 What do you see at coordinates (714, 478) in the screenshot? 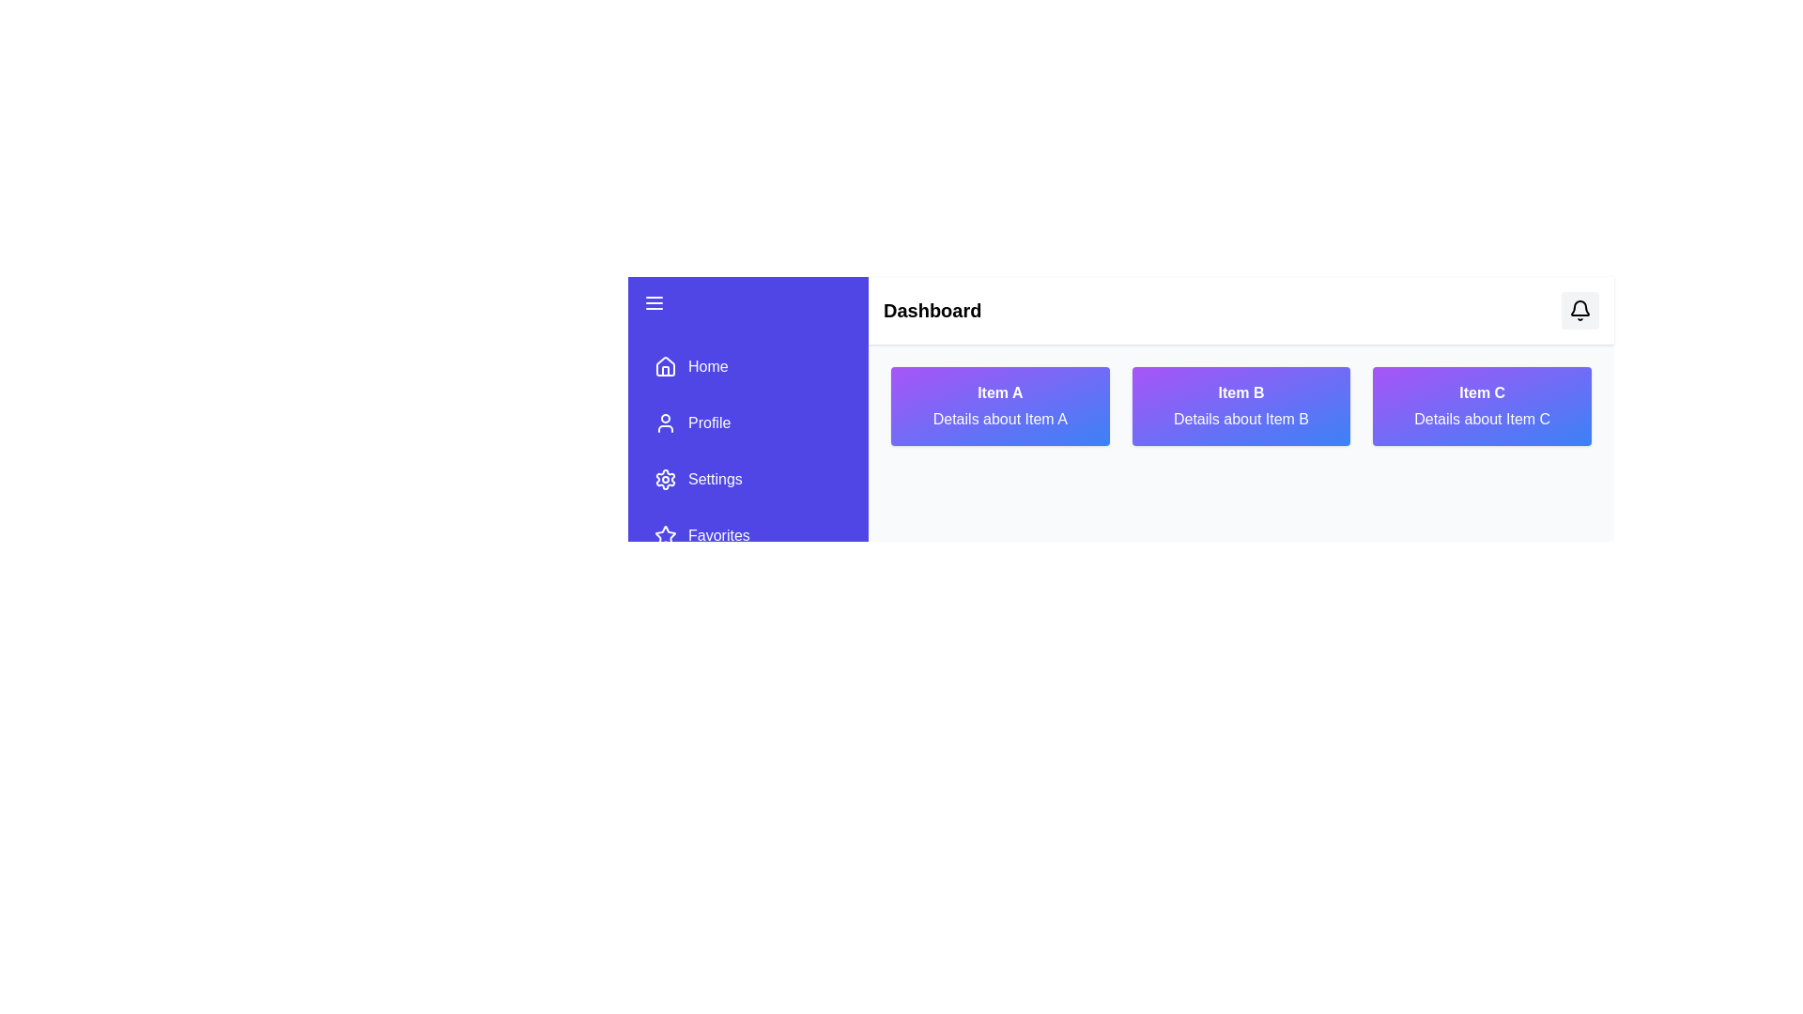
I see `the 'Settings' text label, which is styled in white sans-serif font and positioned on a purple background as the third option in the vertical navigation menu` at bounding box center [714, 478].